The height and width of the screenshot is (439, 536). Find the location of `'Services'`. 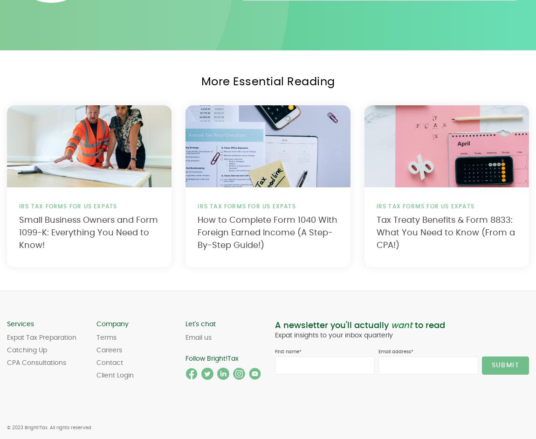

'Services' is located at coordinates (20, 324).